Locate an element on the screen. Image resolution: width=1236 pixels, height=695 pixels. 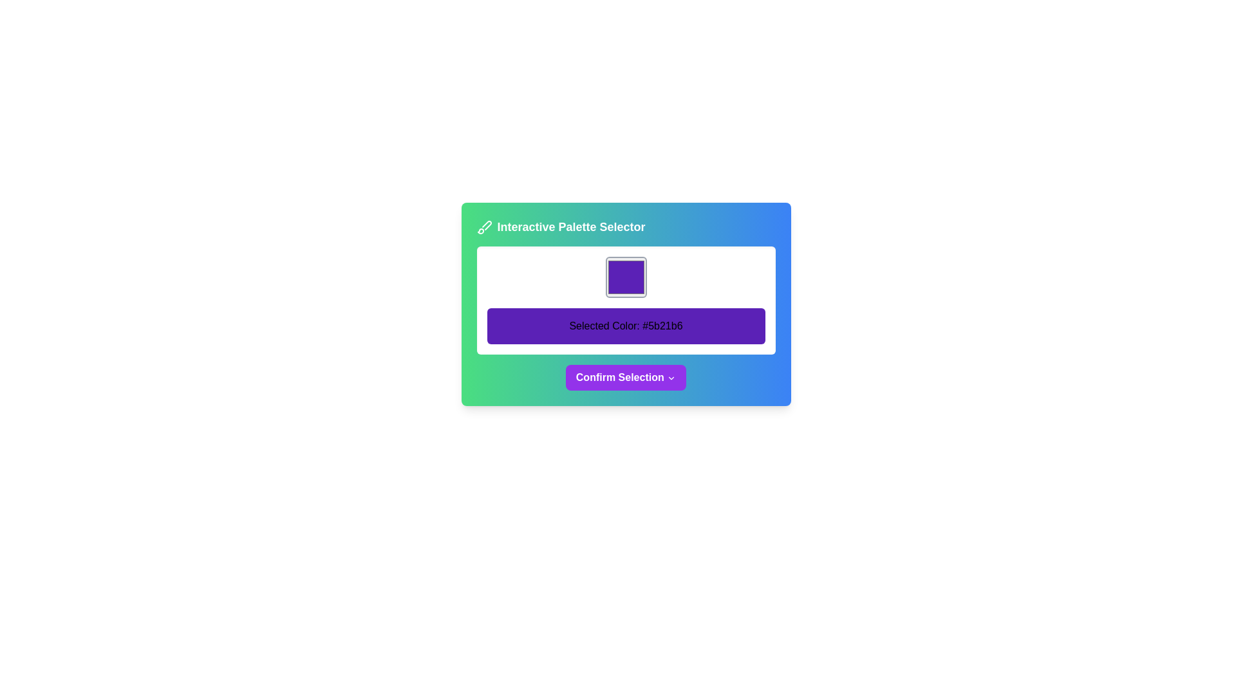
the square color picker box with a purple fill color (#5b21b6) to pick the color is located at coordinates (626, 277).